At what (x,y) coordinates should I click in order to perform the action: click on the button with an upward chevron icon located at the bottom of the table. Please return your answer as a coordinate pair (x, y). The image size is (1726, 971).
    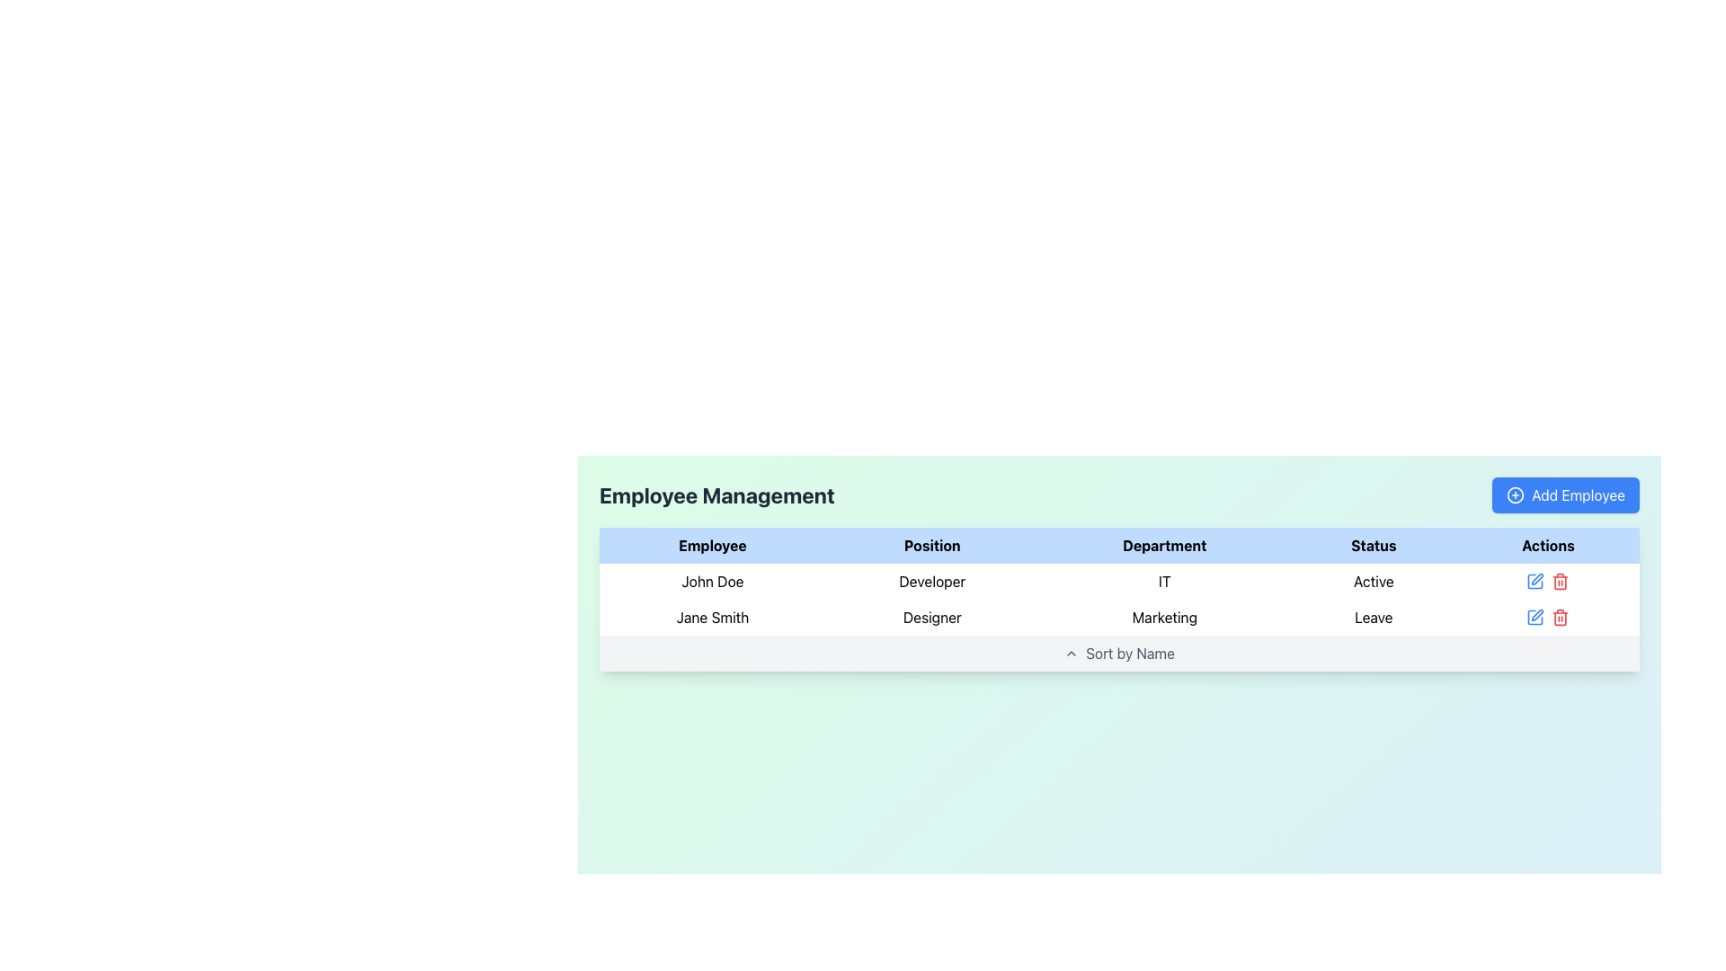
    Looking at the image, I should click on (1118, 653).